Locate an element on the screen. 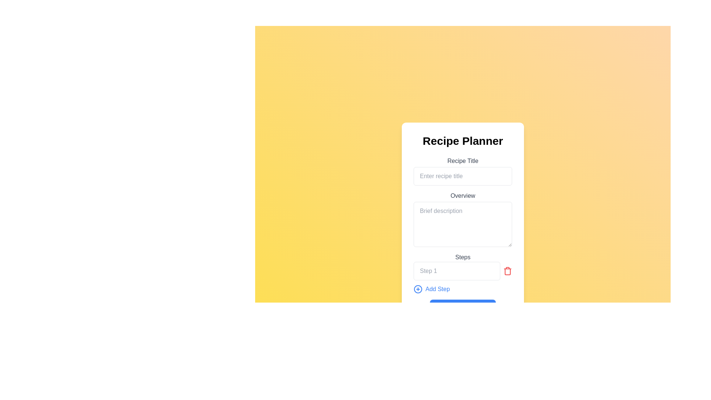 This screenshot has height=400, width=711. the circular '+' icon within the 'Add Step' button located towards the bottom center of the interface, aligned to the left of the 'Add Step' text is located at coordinates (418, 288).